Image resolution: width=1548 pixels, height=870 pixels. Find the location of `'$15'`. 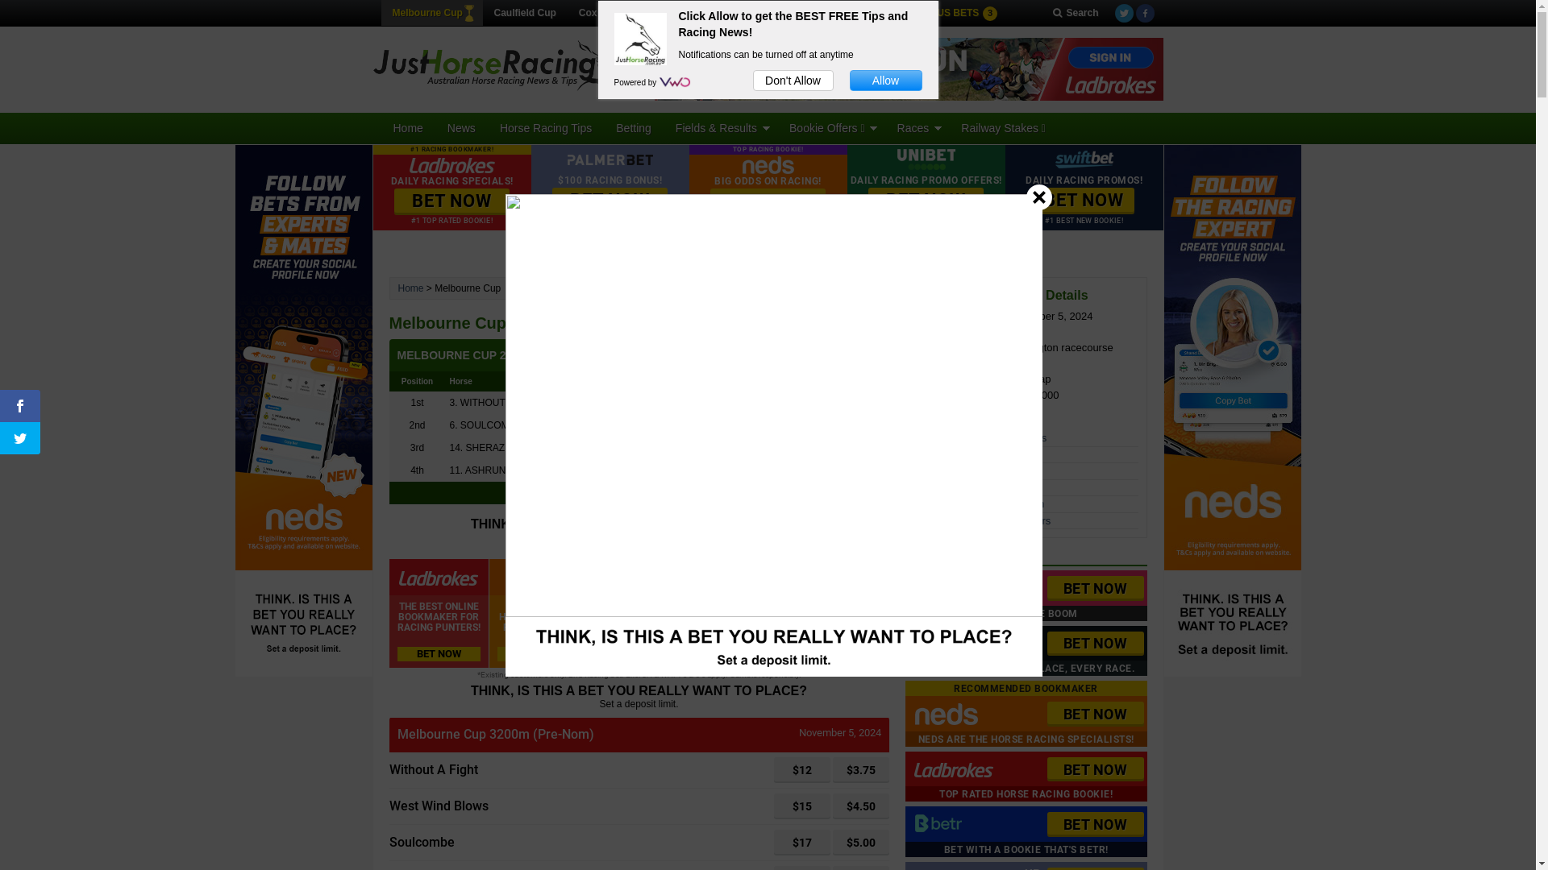

'$15' is located at coordinates (801, 806).